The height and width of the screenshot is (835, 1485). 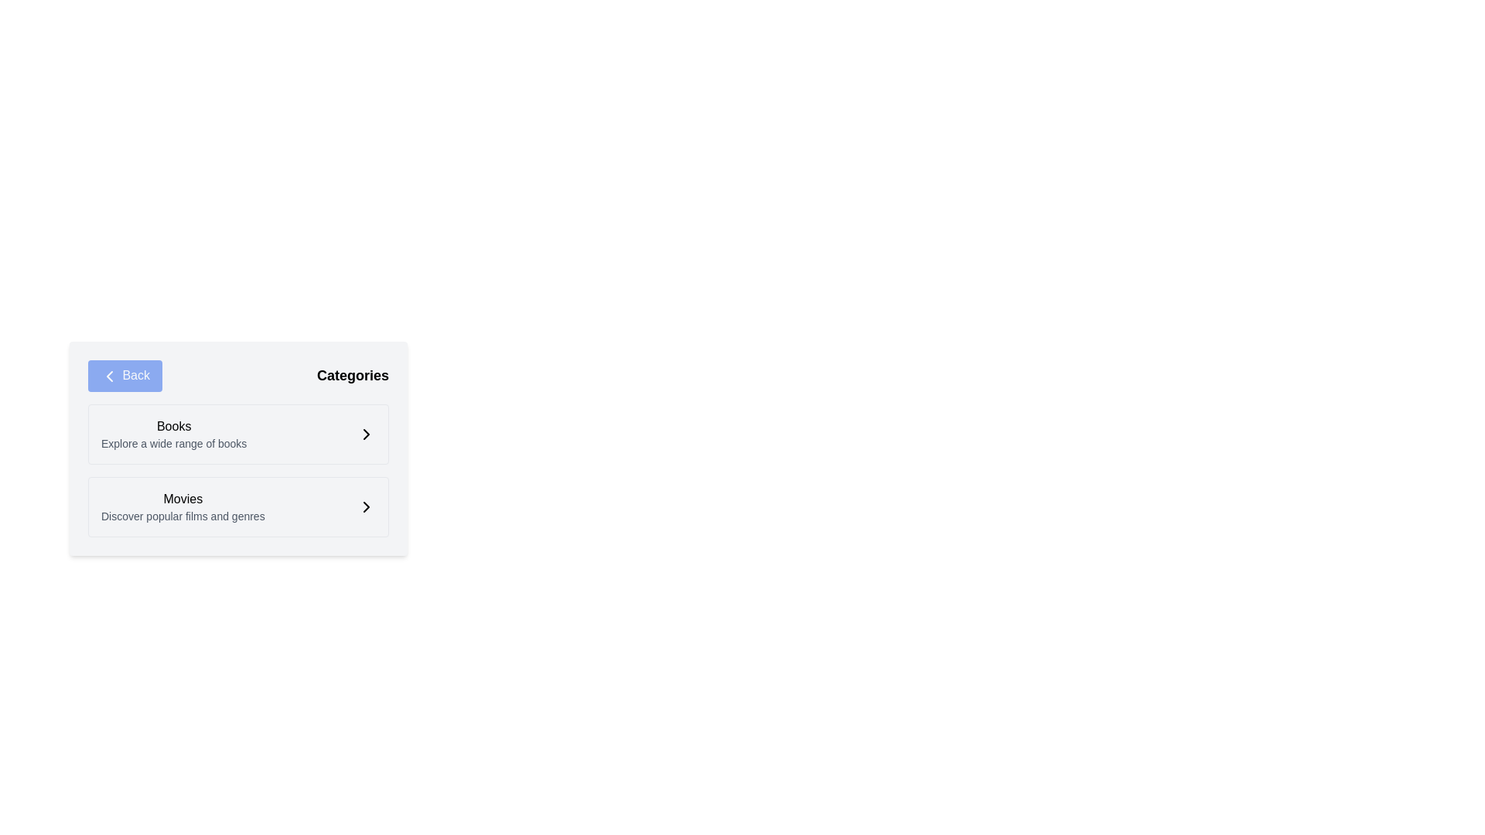 I want to click on the 'Movies' category item located within the 'Categories' section, which displays 'Movies' in bold text and a description beneath it, so click(x=183, y=506).